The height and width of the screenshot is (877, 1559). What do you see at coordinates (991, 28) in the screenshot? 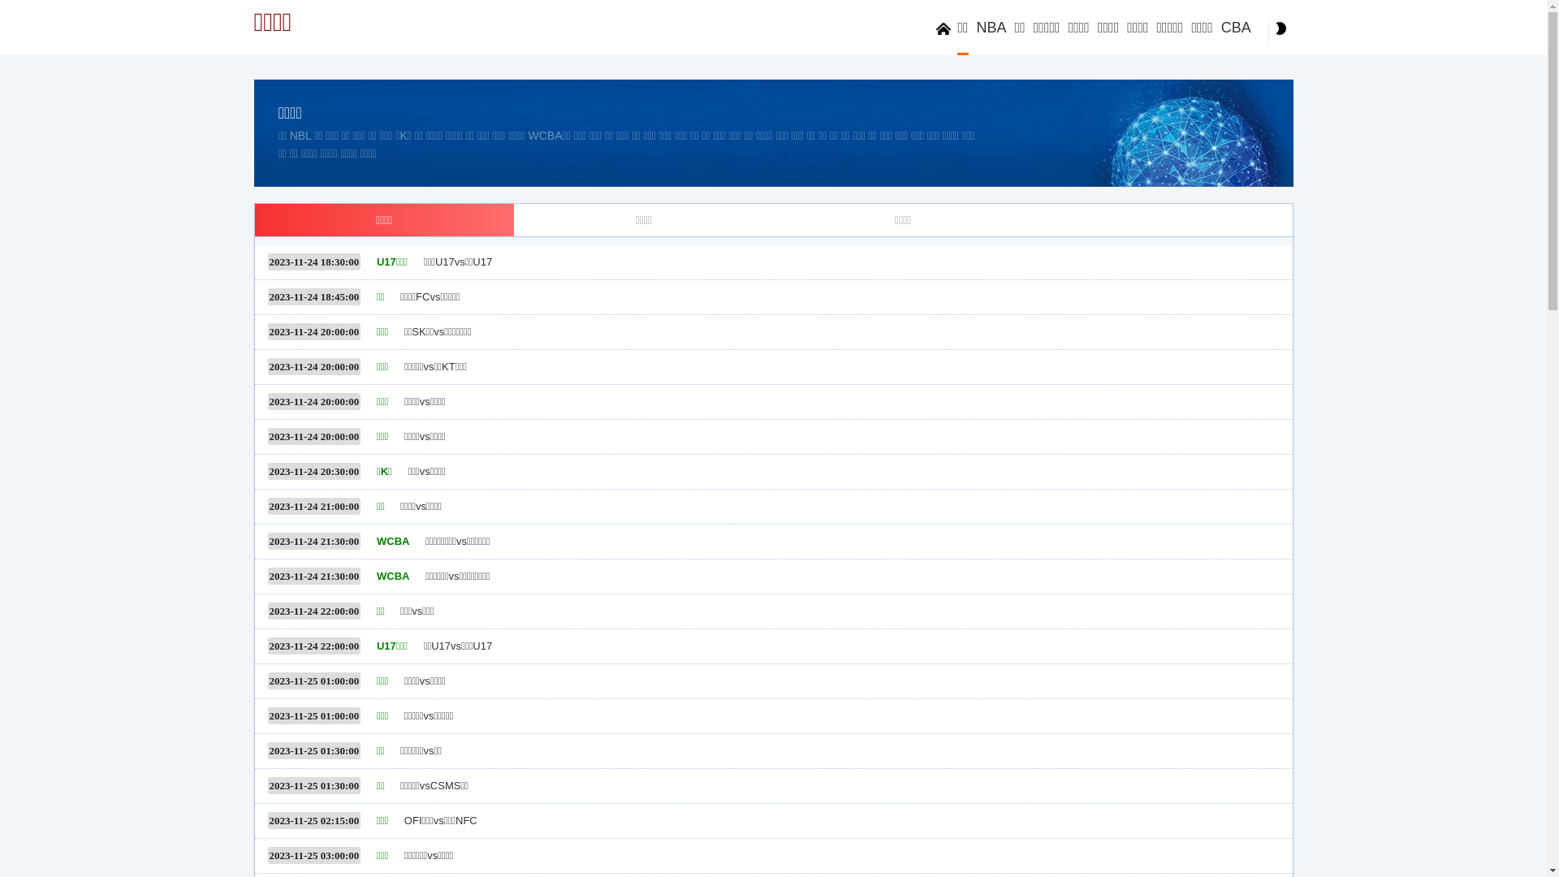
I see `'NBA'` at bounding box center [991, 28].